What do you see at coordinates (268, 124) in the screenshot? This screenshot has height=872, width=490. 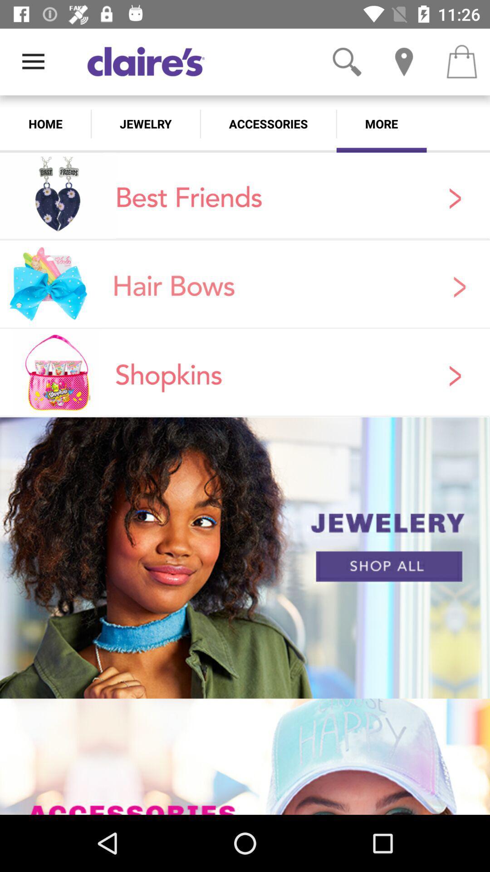 I see `app to the right of the jewelry app` at bounding box center [268, 124].